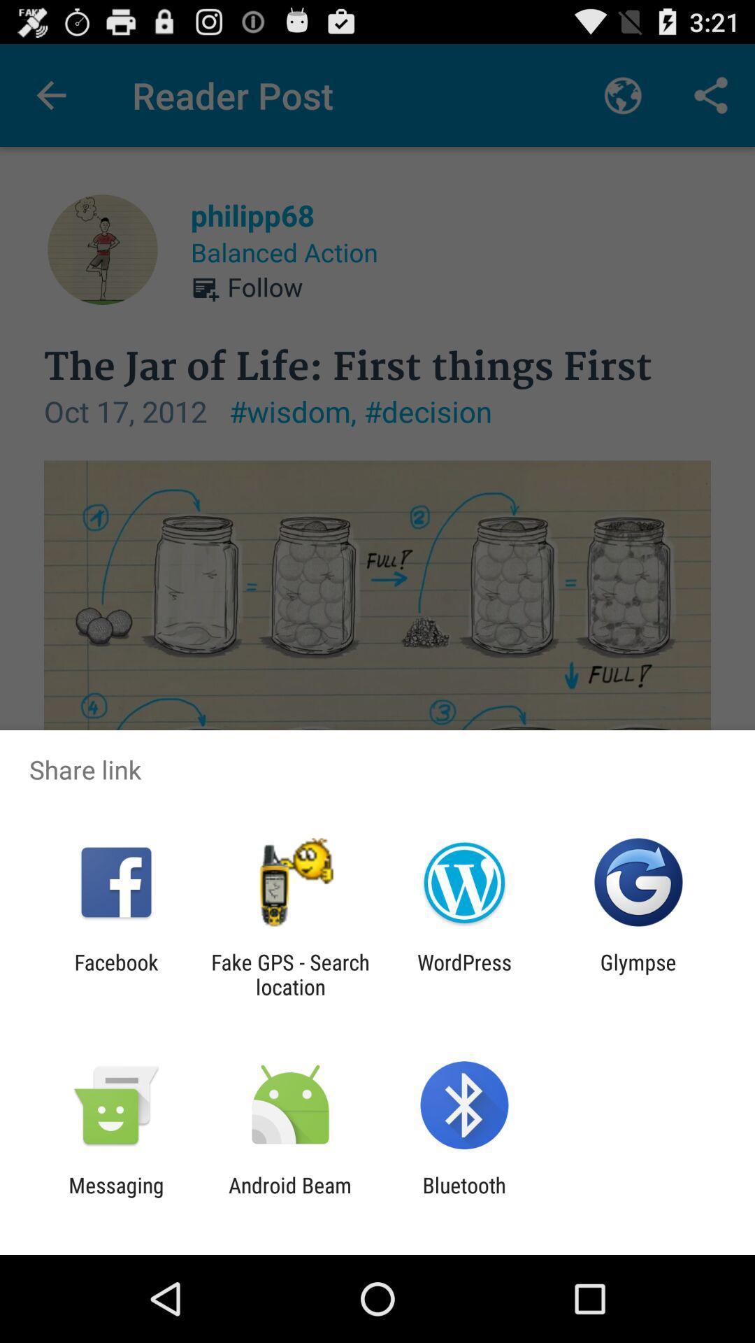  I want to click on the item next to glympse, so click(464, 974).